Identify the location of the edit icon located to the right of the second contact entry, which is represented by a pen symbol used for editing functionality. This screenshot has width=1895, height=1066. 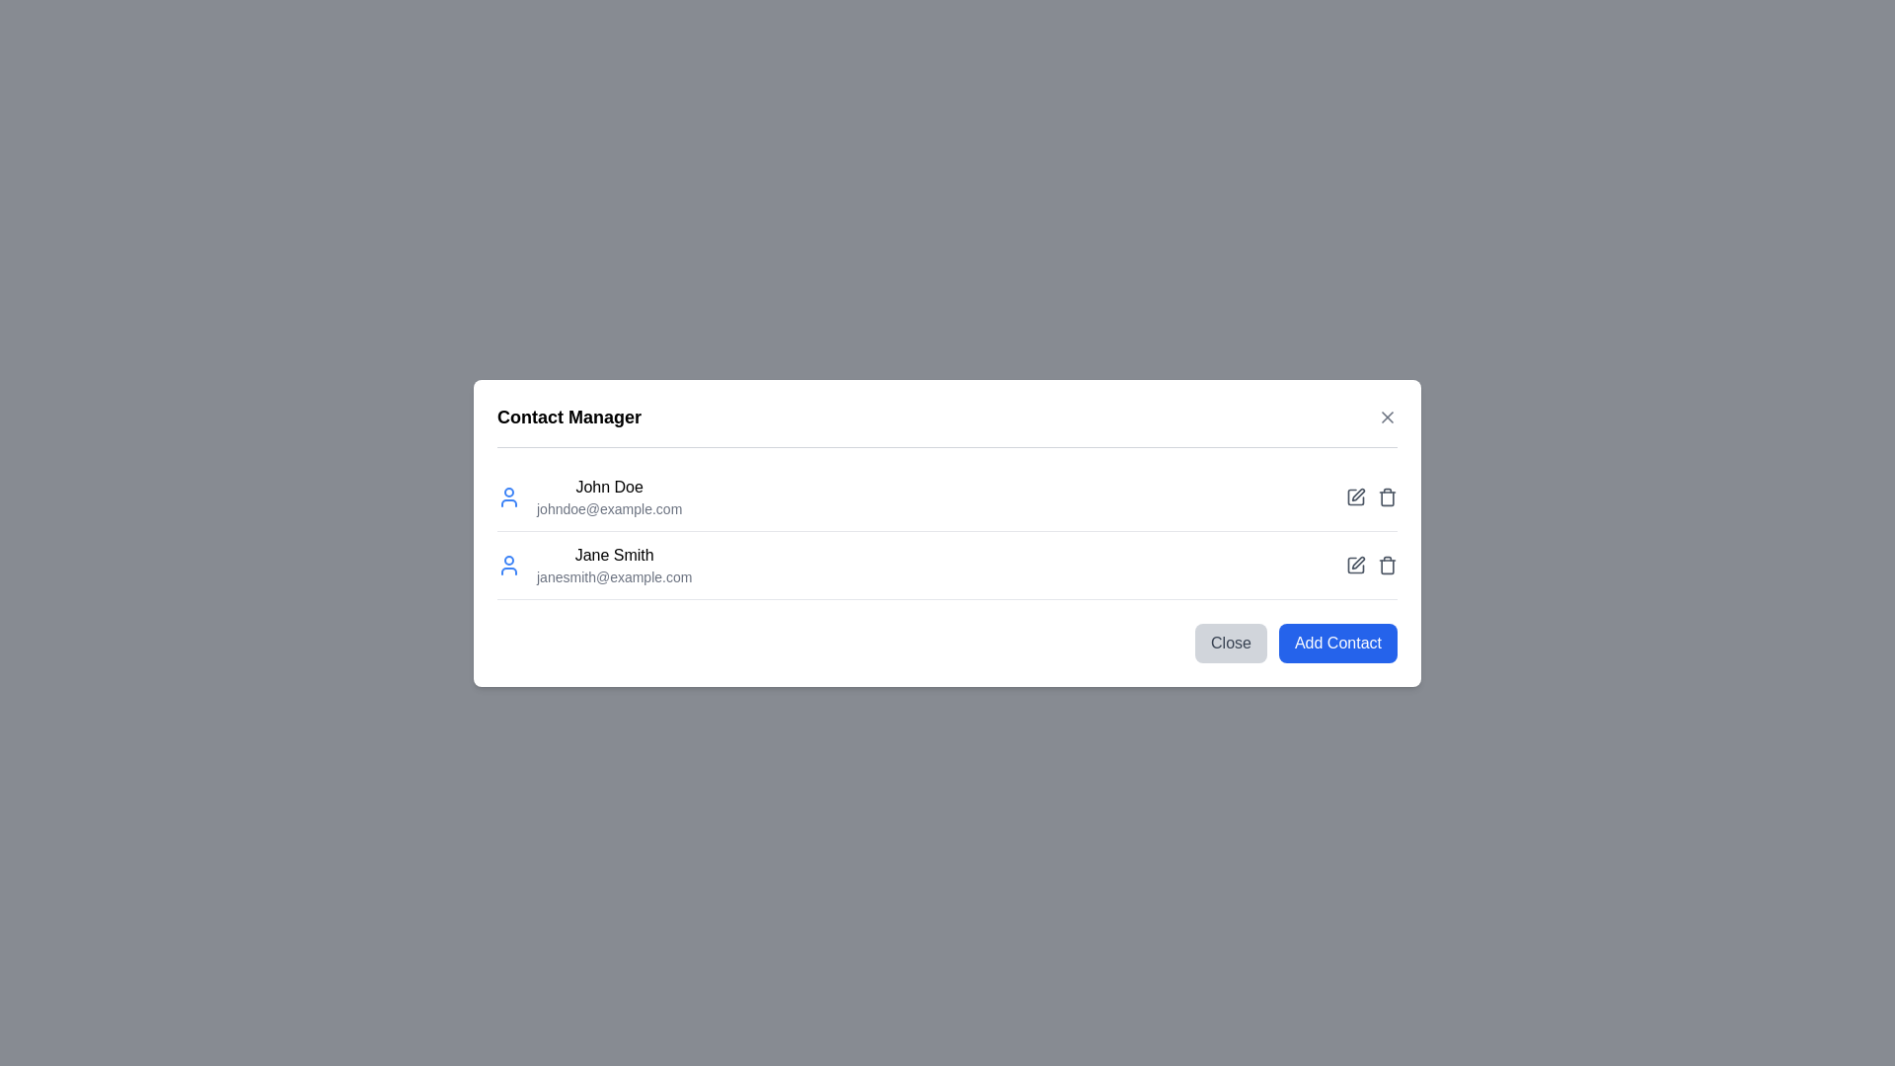
(1357, 494).